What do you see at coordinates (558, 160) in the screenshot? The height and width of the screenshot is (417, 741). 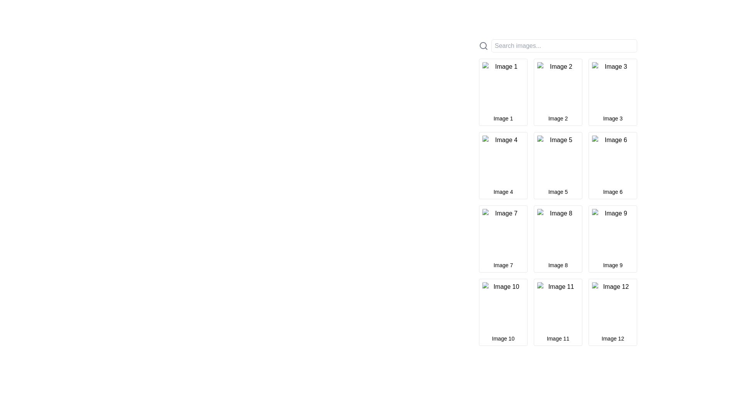 I see `the image component displaying 'Image 5' in its center, which is part of a card structure in the second row, middle column of a grid layout` at bounding box center [558, 160].